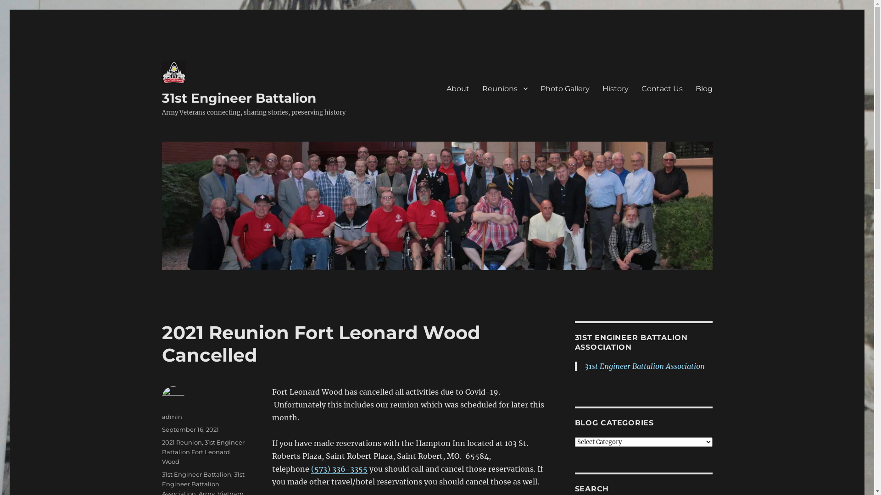  What do you see at coordinates (703, 88) in the screenshot?
I see `'Blog'` at bounding box center [703, 88].